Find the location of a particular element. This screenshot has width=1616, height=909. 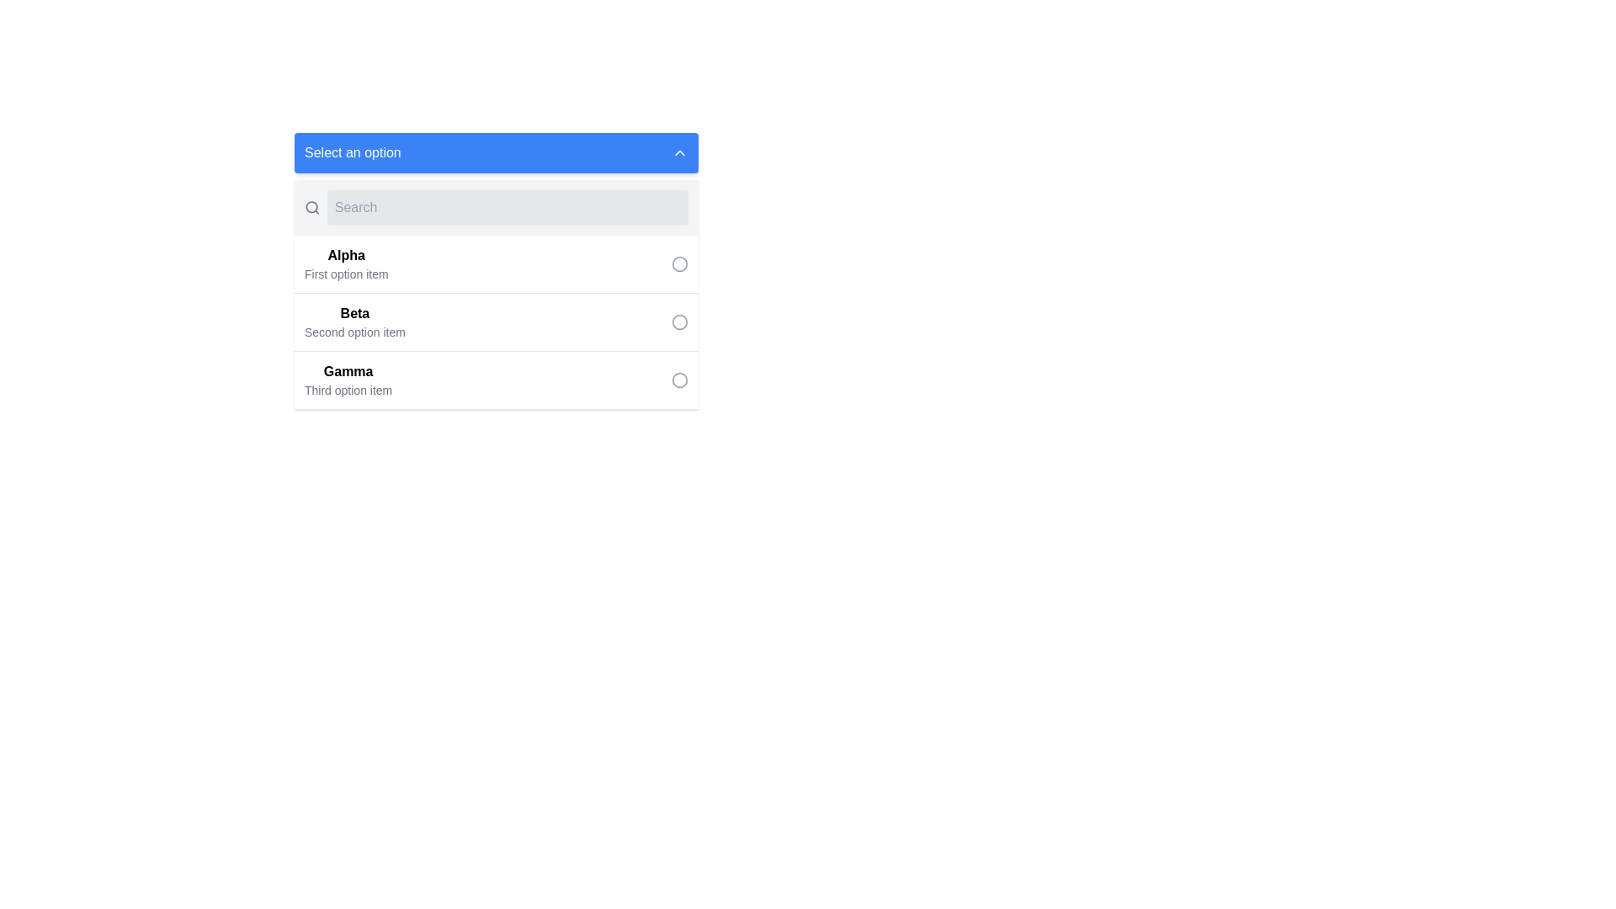

the circular radio button with a gray border and white fill, located on the right side of the row labeled 'Beta' is located at coordinates (679, 322).